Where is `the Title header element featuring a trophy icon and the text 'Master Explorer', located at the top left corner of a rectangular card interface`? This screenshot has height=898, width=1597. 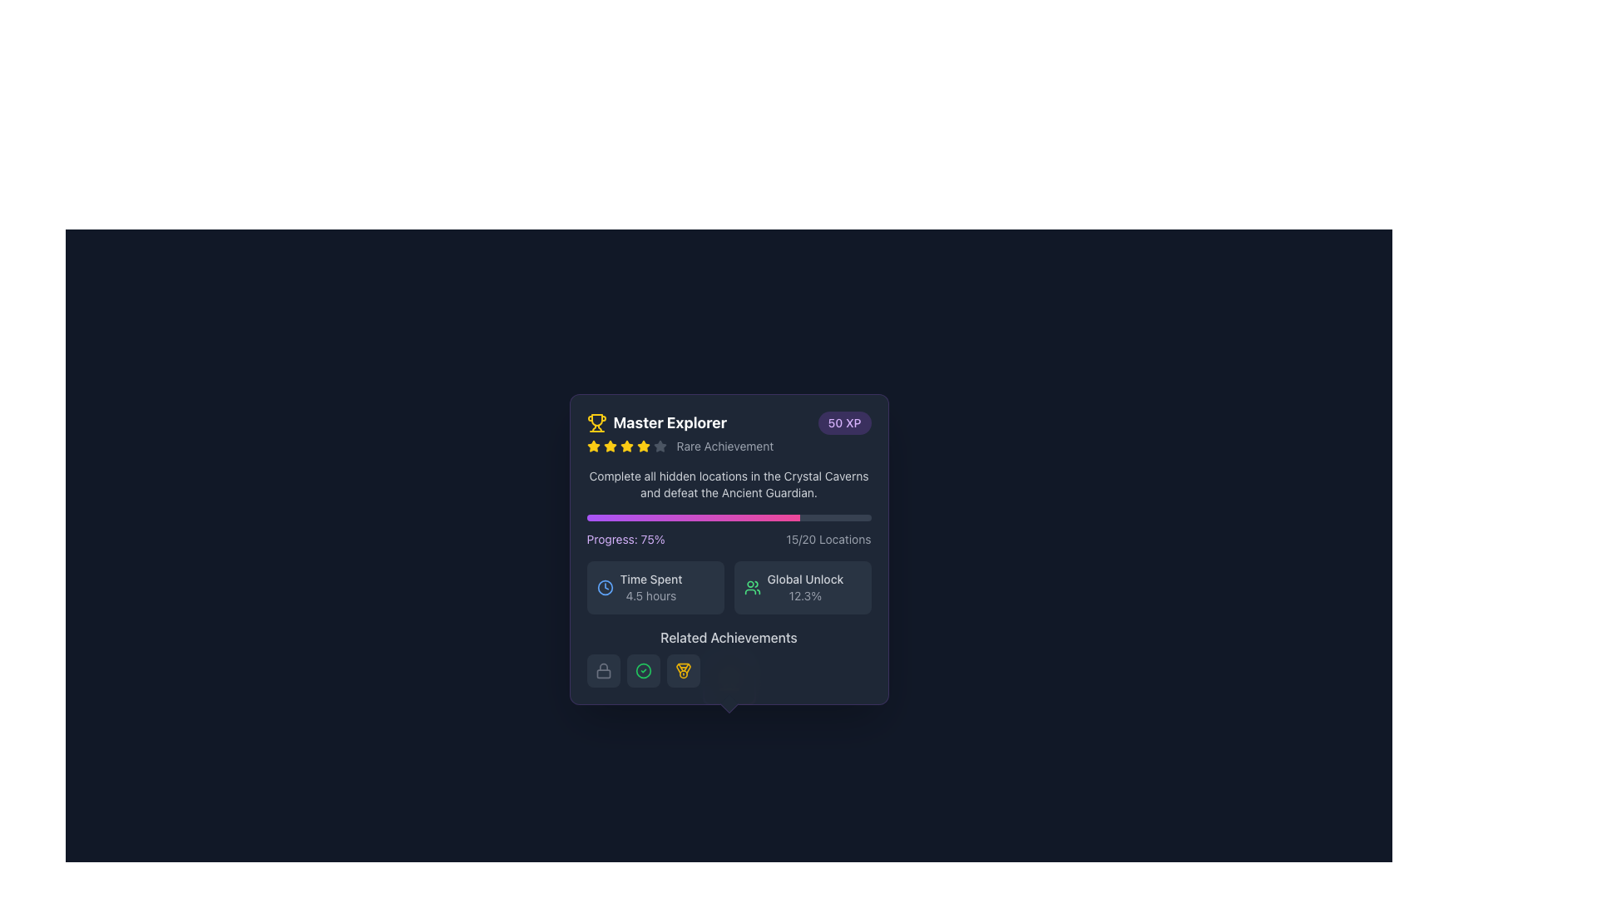
the Title header element featuring a trophy icon and the text 'Master Explorer', located at the top left corner of a rectangular card interface is located at coordinates (680, 422).